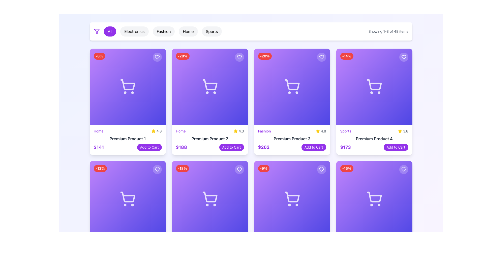  What do you see at coordinates (374, 147) in the screenshot?
I see `price information displayed as '$173' in bold and purple, located near the bottom of the fourth product card, just beneath the title 'Premium Product 4'` at bounding box center [374, 147].